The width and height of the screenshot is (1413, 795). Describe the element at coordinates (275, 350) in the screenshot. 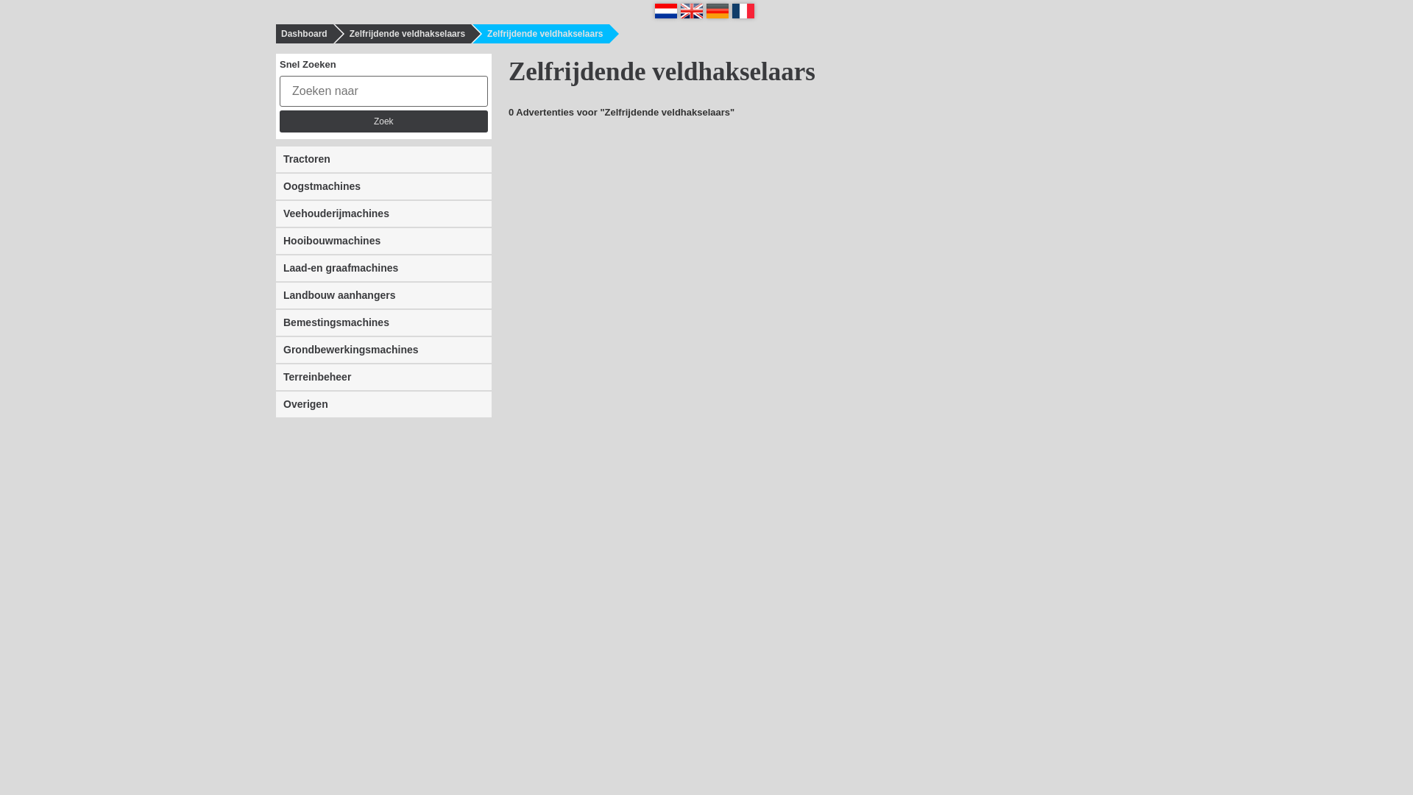

I see `'Grondbewerkingsmachines'` at that location.